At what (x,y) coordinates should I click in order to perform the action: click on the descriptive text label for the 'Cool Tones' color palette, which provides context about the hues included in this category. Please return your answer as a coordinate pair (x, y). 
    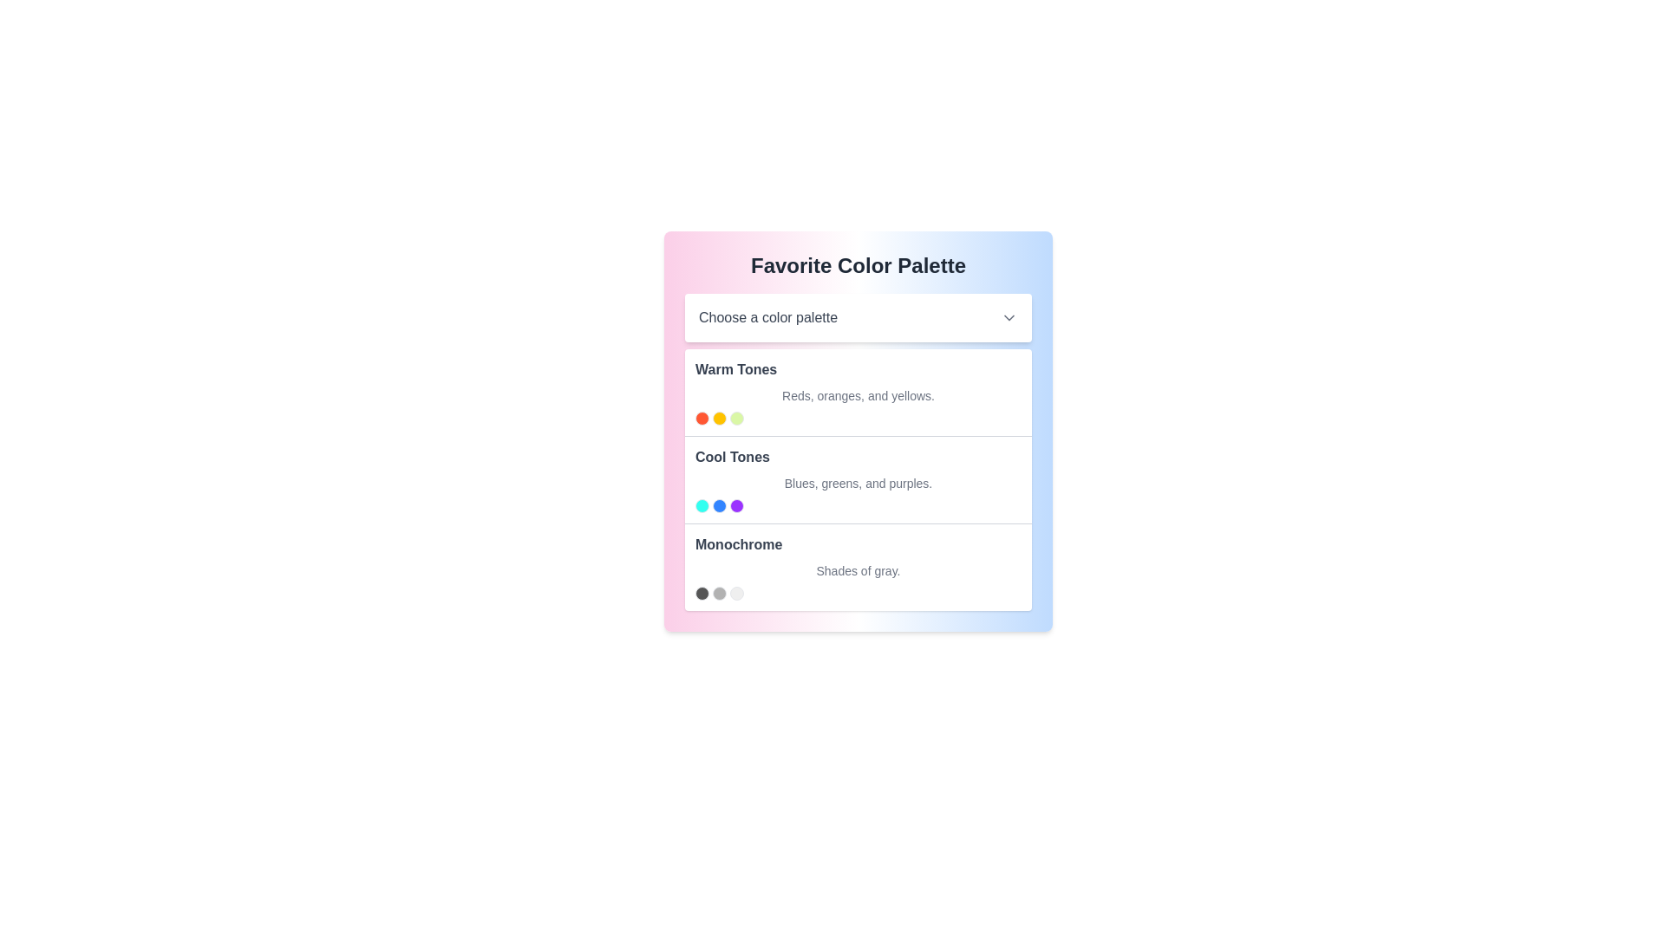
    Looking at the image, I should click on (858, 484).